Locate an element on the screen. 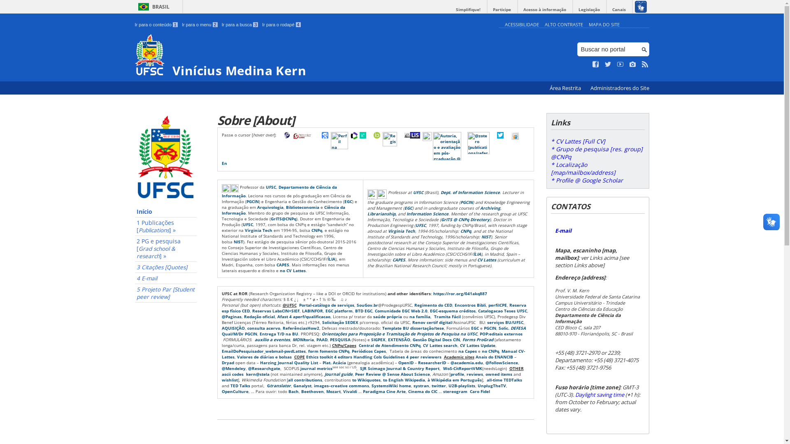 The image size is (790, 444). 'owned items' is located at coordinates (498, 374).